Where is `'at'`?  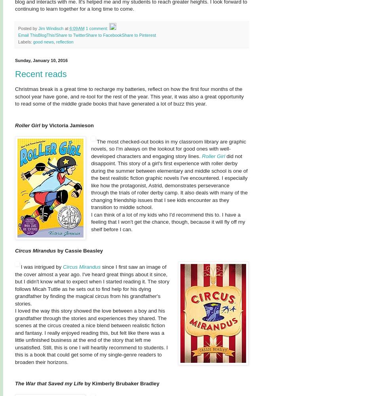
'at' is located at coordinates (67, 28).